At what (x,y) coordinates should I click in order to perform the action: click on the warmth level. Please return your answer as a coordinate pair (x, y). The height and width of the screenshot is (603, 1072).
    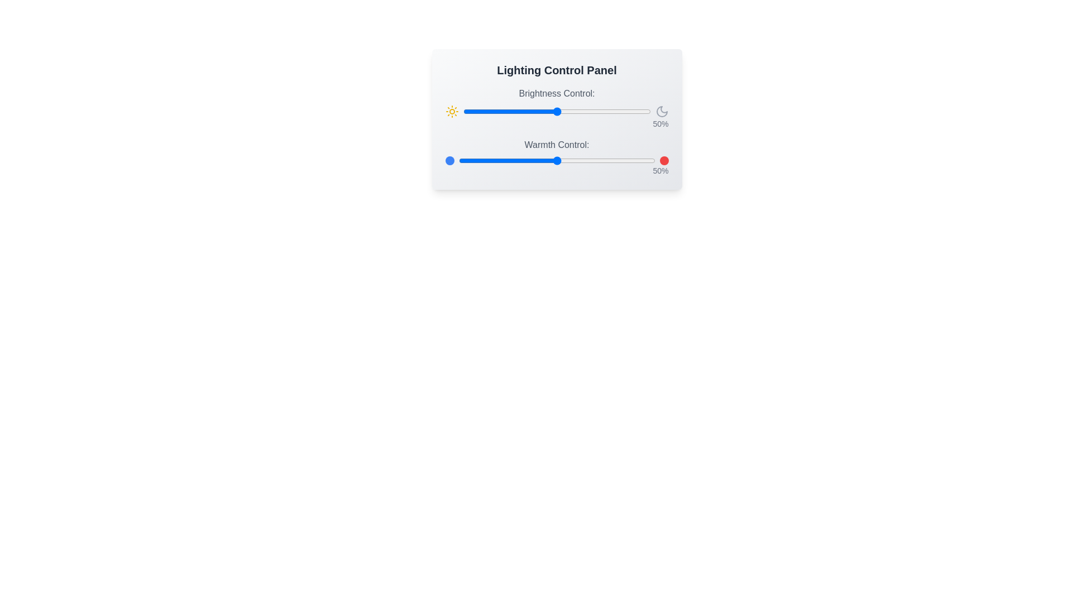
    Looking at the image, I should click on (549, 161).